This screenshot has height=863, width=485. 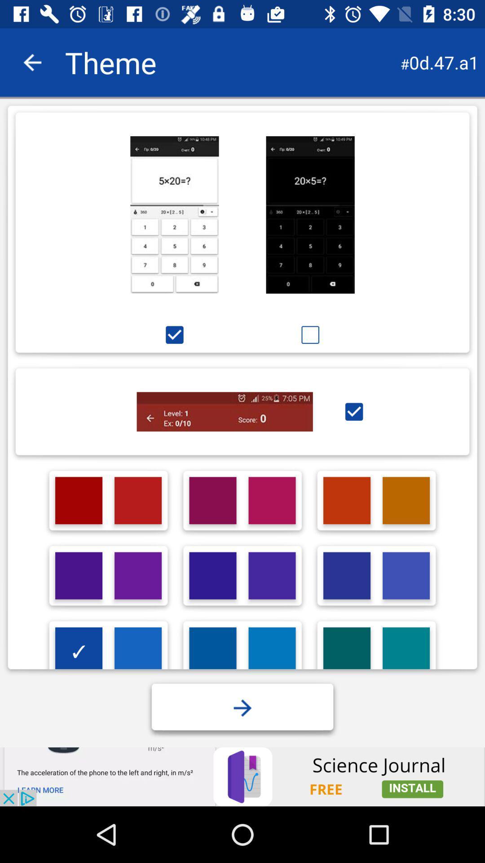 I want to click on logo, so click(x=406, y=576).